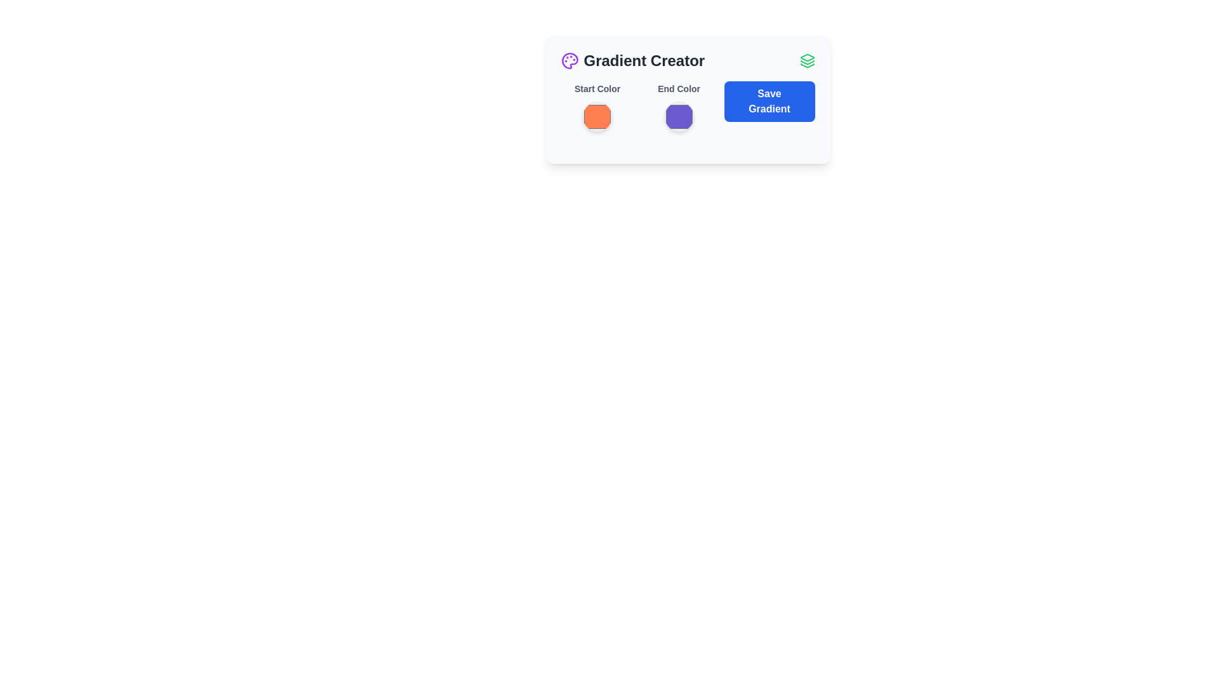  Describe the element at coordinates (769, 100) in the screenshot. I see `the button that triggers the action of saving a gradient configuration` at that location.